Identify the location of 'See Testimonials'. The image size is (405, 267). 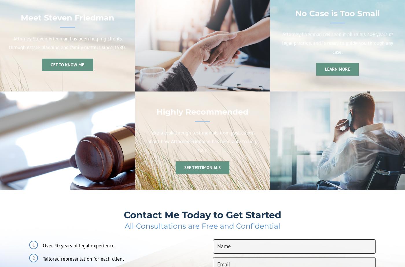
(184, 167).